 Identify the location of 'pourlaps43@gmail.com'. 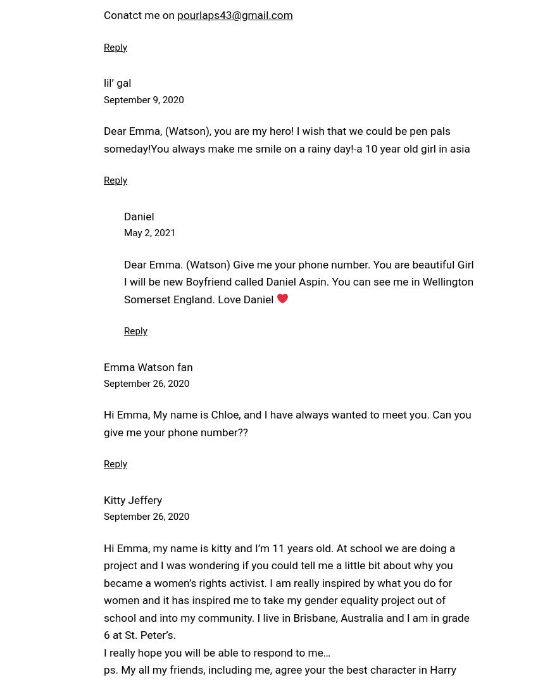
(176, 14).